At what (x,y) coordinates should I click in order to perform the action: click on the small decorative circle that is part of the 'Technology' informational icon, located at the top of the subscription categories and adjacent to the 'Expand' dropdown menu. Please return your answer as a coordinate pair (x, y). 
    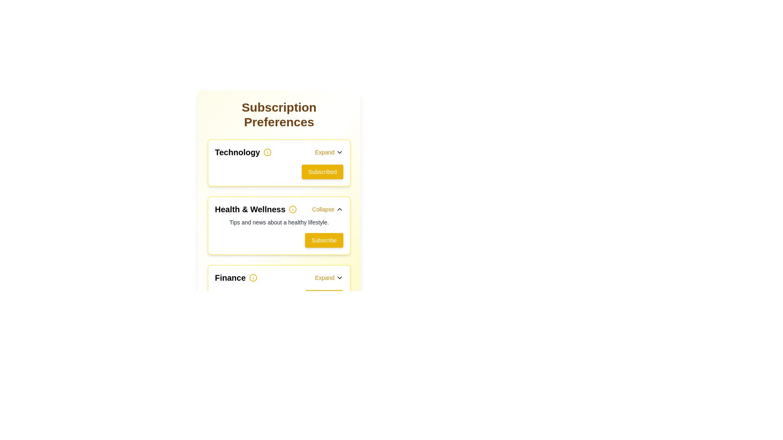
    Looking at the image, I should click on (267, 152).